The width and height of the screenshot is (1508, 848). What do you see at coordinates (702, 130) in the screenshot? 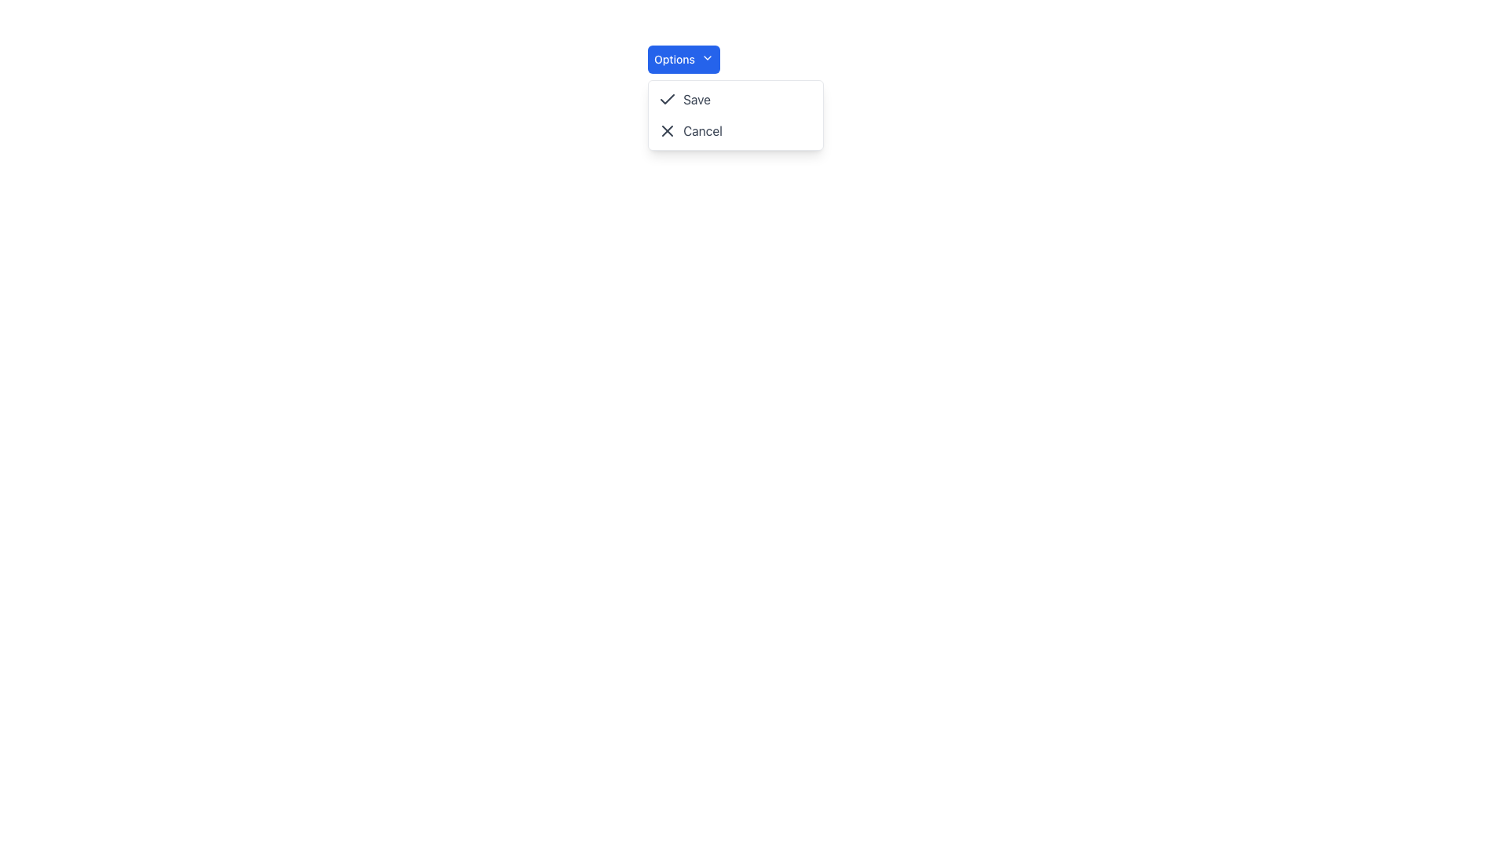
I see `the 'Cancel' text label located below the 'Save' option in the dropdown menu triggered by the 'Options' button` at bounding box center [702, 130].